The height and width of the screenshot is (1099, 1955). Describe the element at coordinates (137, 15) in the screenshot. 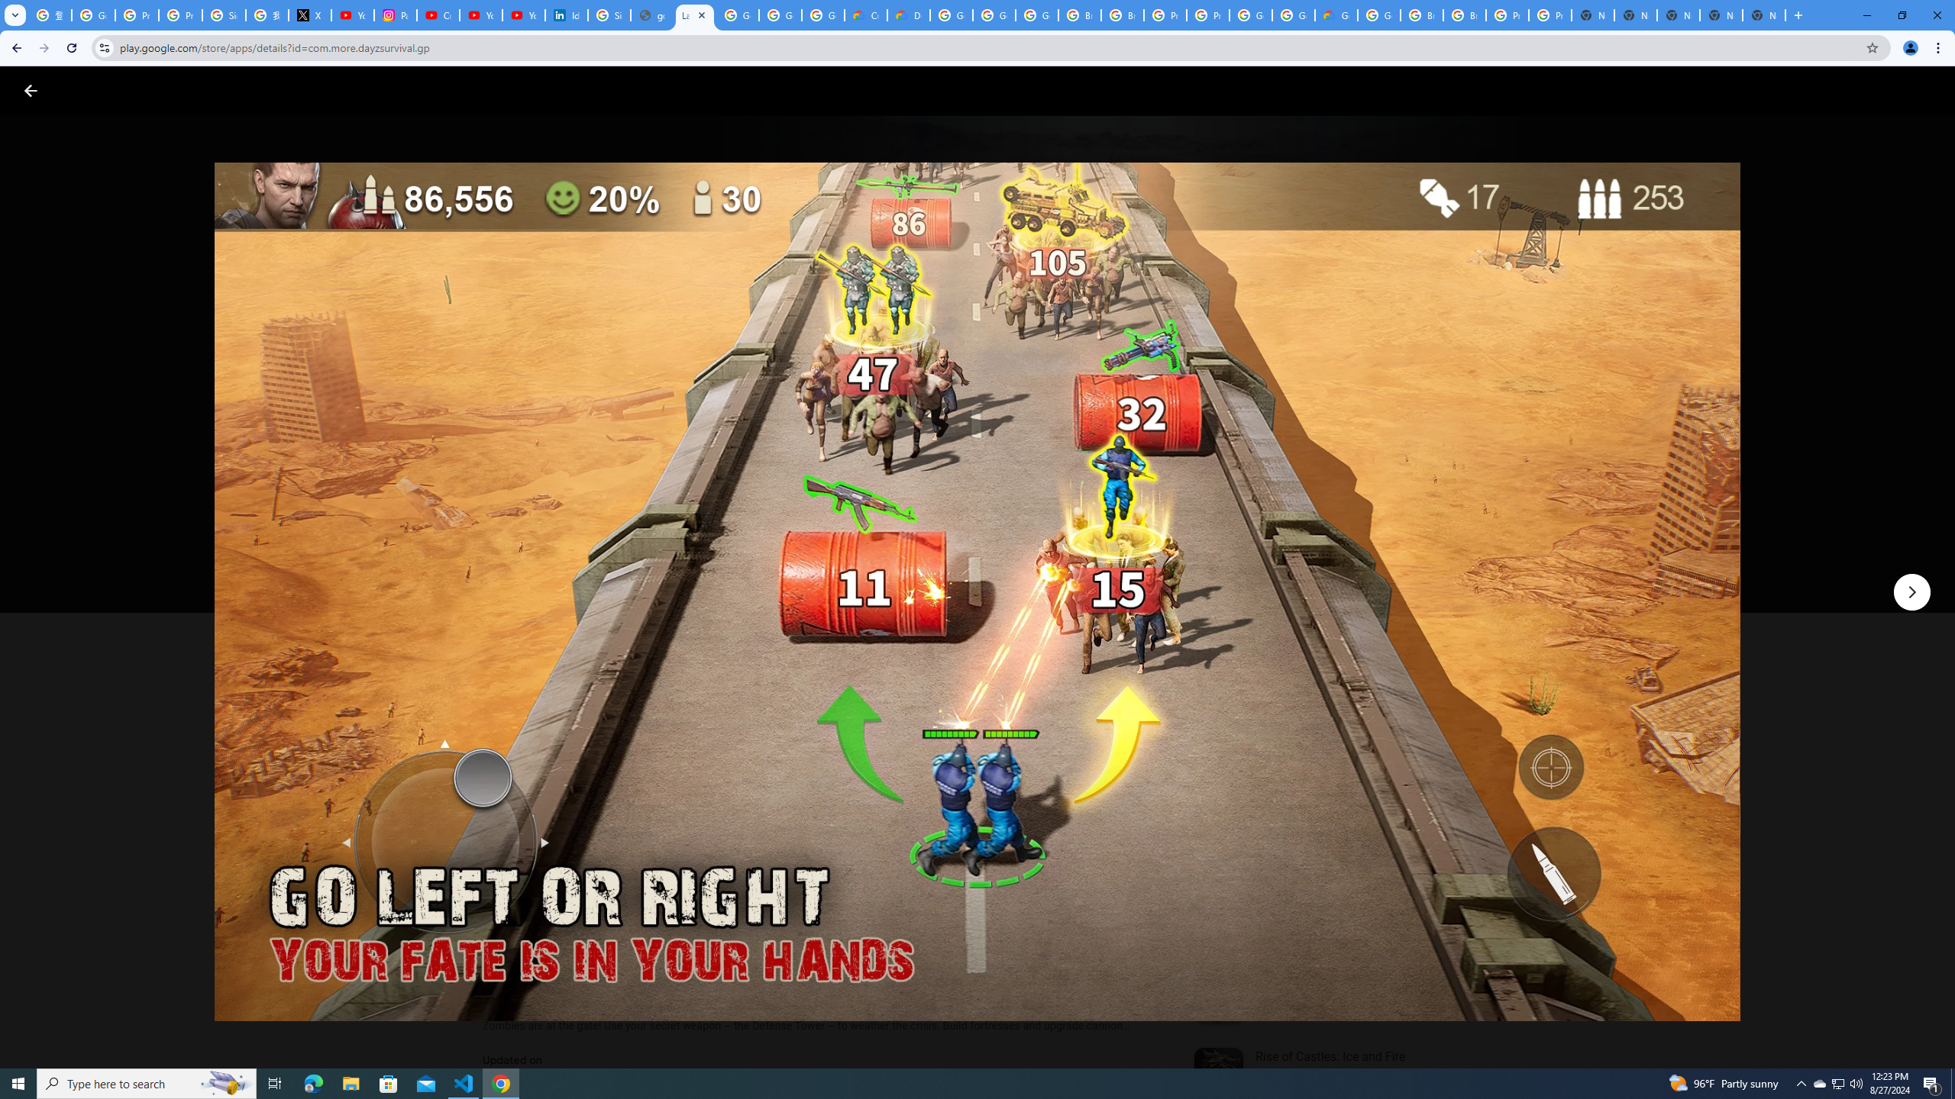

I see `'Privacy Help Center - Policies Help'` at that location.